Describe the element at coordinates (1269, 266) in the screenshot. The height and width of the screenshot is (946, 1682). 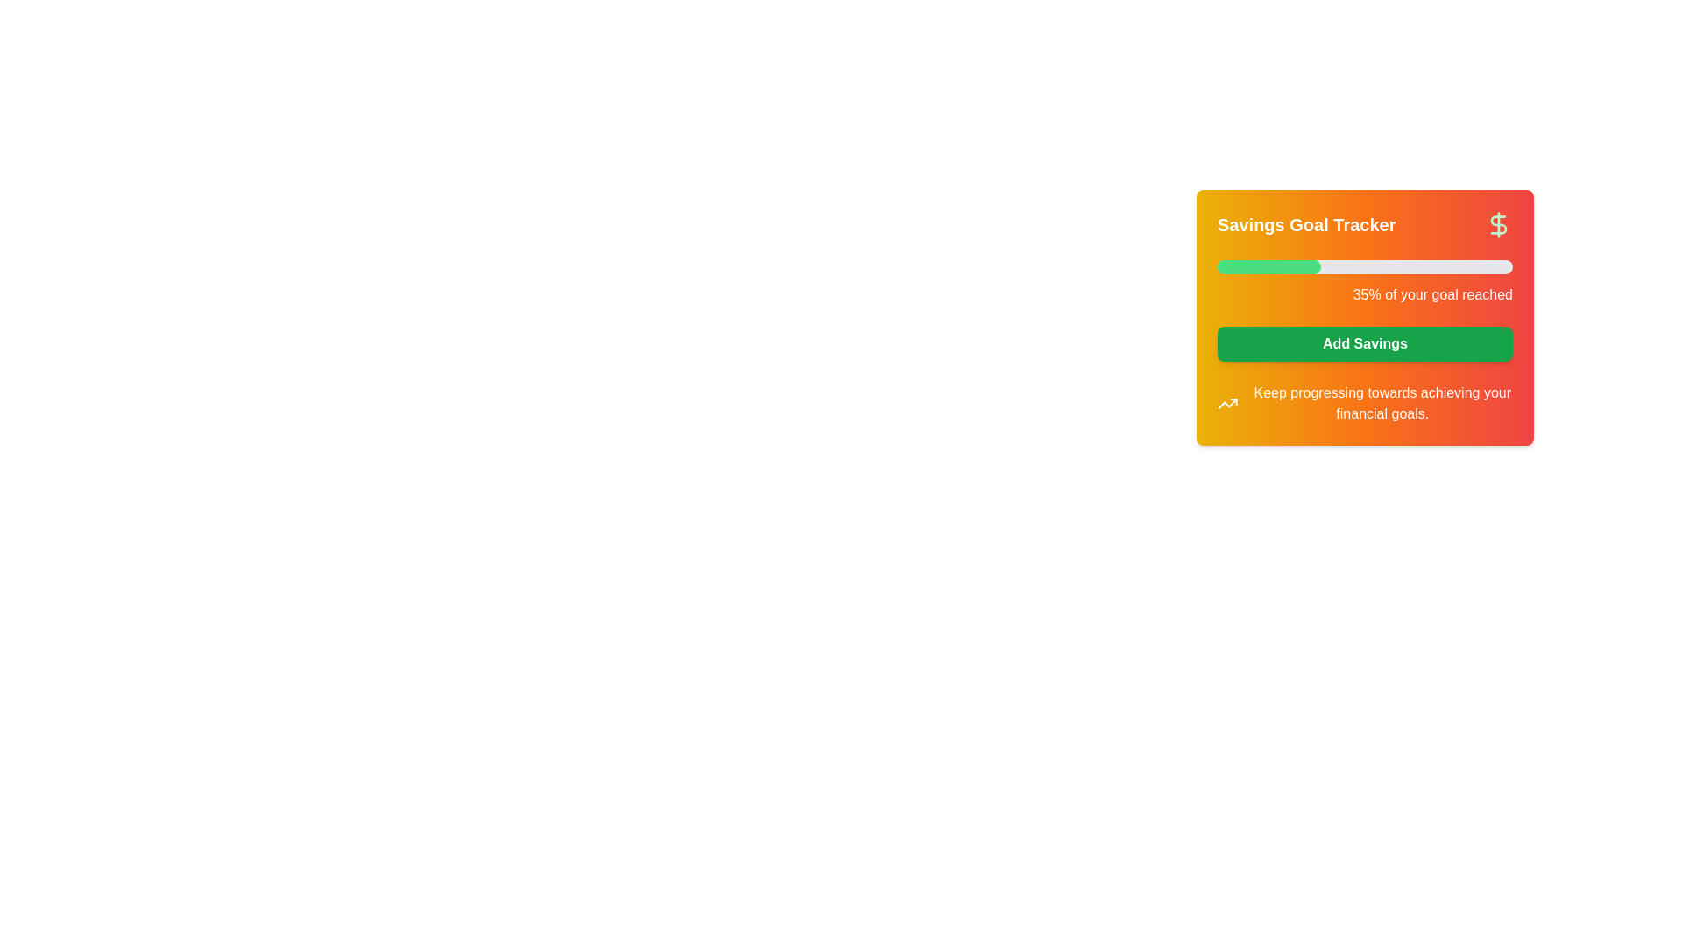
I see `the green progress bar indicating 35% completion within the gray horizontal progress bar under the 'Savings Goal Tracker' title` at that location.